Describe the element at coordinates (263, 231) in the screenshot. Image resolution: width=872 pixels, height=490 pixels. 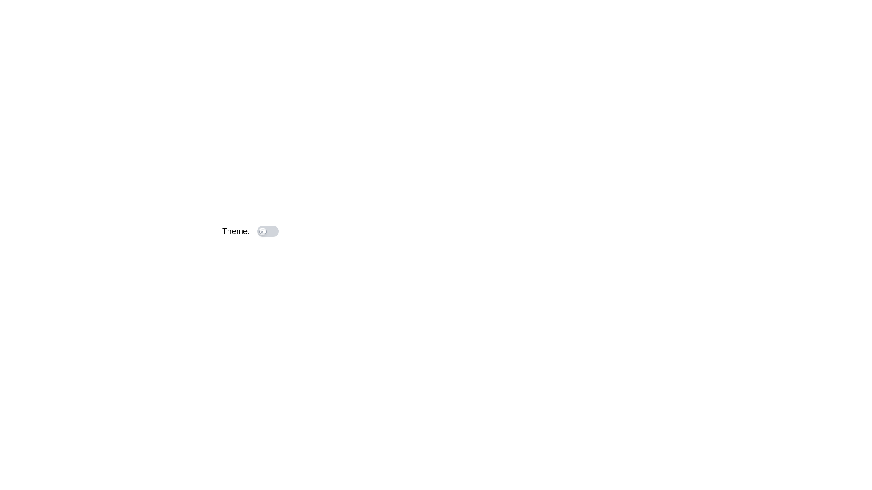
I see `the SVG/Icon representing the left or inactive state of the toggle switch in the toggle control interface` at that location.